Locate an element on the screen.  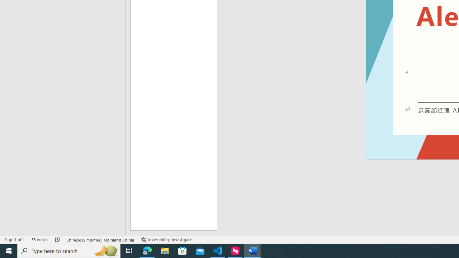
'Page Number Page 1 of 1' is located at coordinates (14, 240).